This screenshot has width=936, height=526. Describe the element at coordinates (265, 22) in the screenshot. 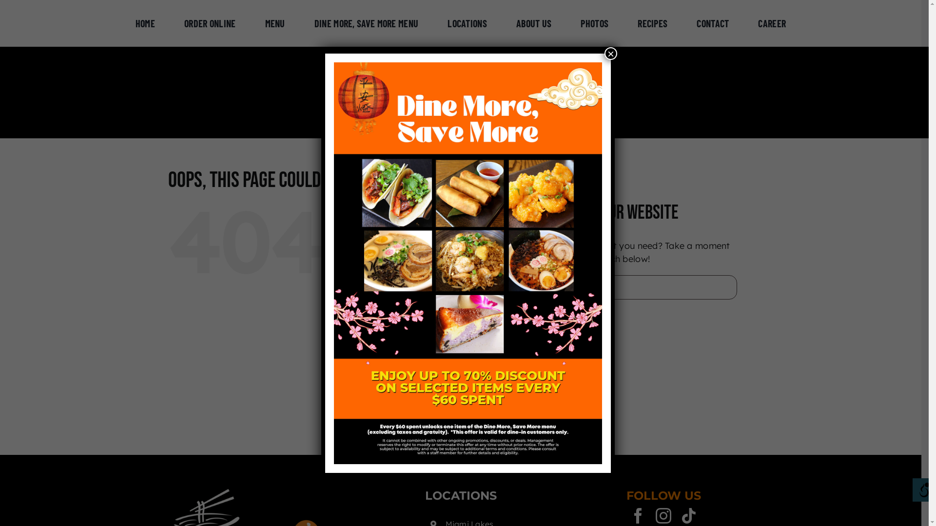

I see `'MENU'` at that location.